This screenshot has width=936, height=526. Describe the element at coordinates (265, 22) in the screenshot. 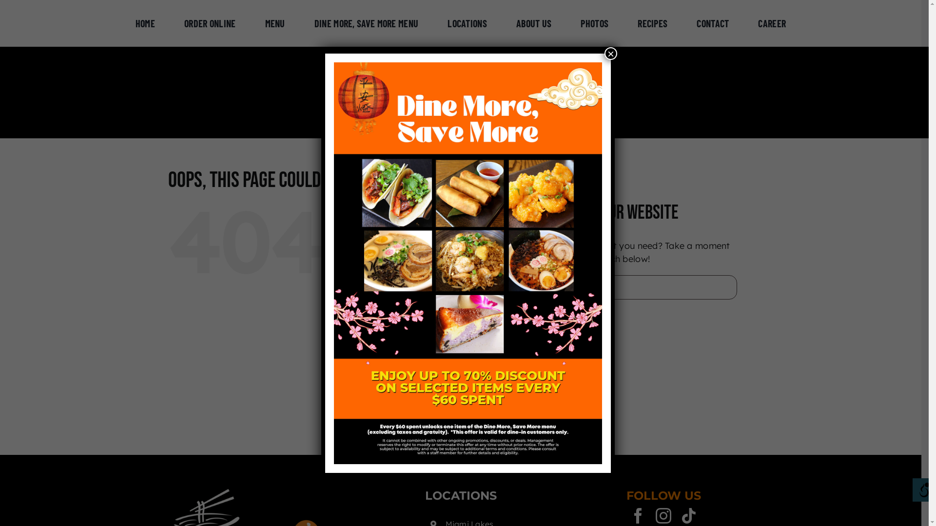

I see `'MENU'` at that location.